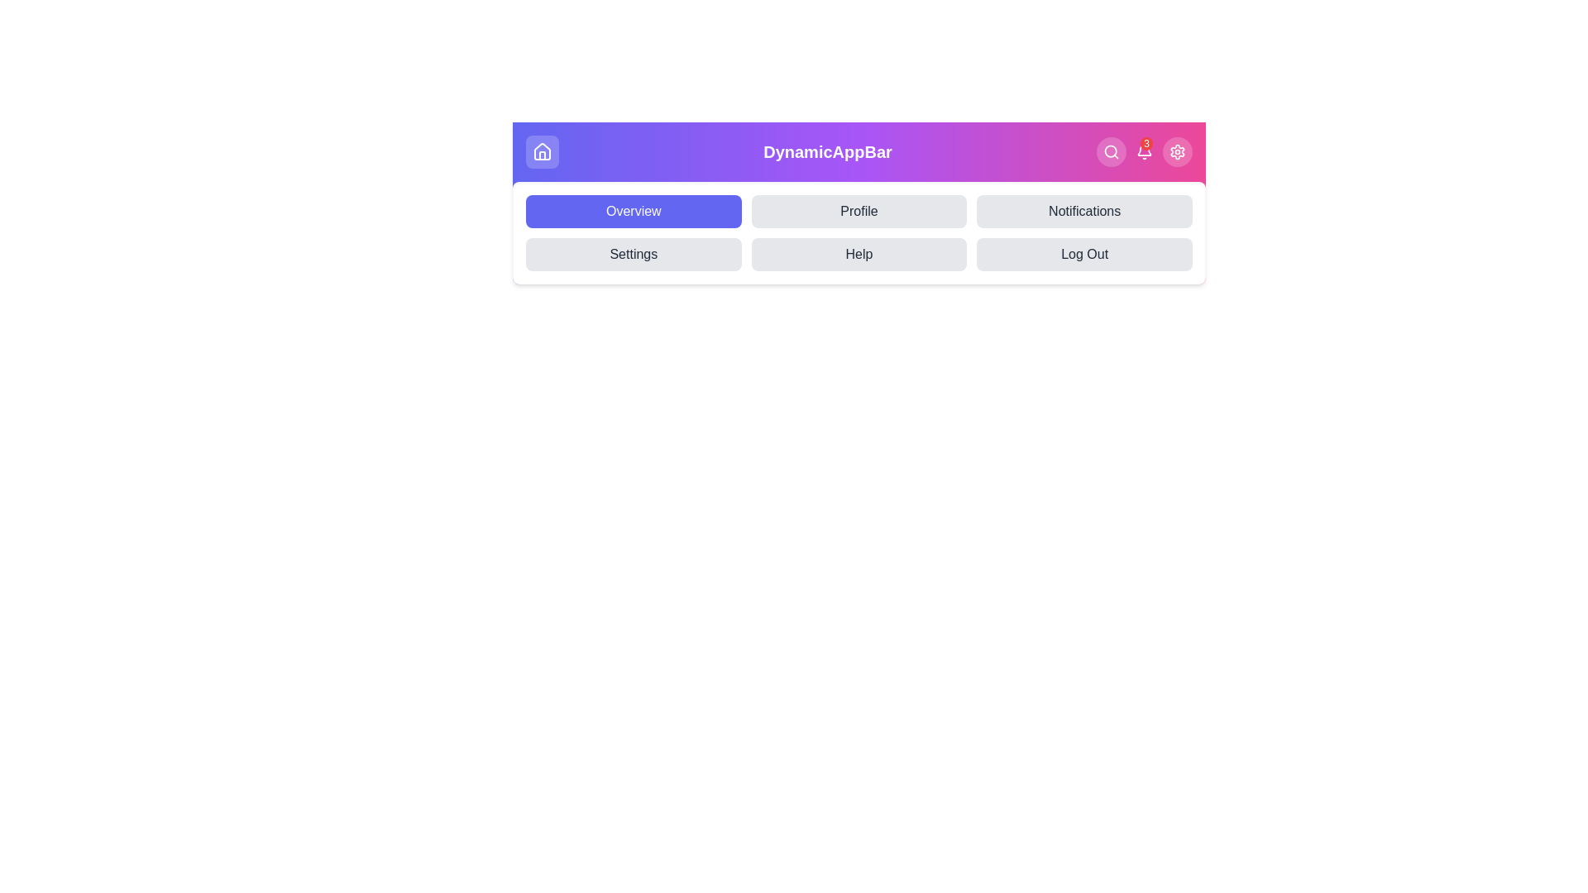 This screenshot has width=1588, height=893. What do you see at coordinates (1177, 152) in the screenshot?
I see `the settings icon to access the settings` at bounding box center [1177, 152].